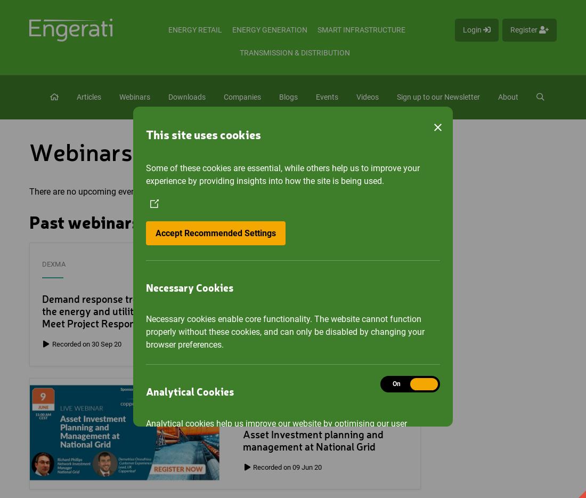  What do you see at coordinates (84, 223) in the screenshot?
I see `'Past webinars'` at bounding box center [84, 223].